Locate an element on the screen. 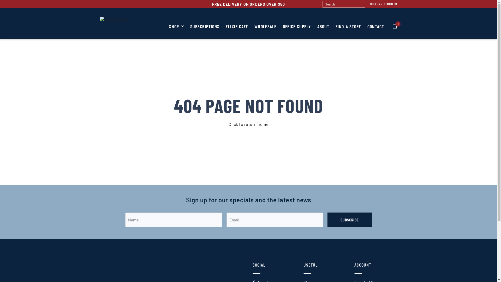 This screenshot has height=282, width=501. 'FIND A STORE' is located at coordinates (348, 28).